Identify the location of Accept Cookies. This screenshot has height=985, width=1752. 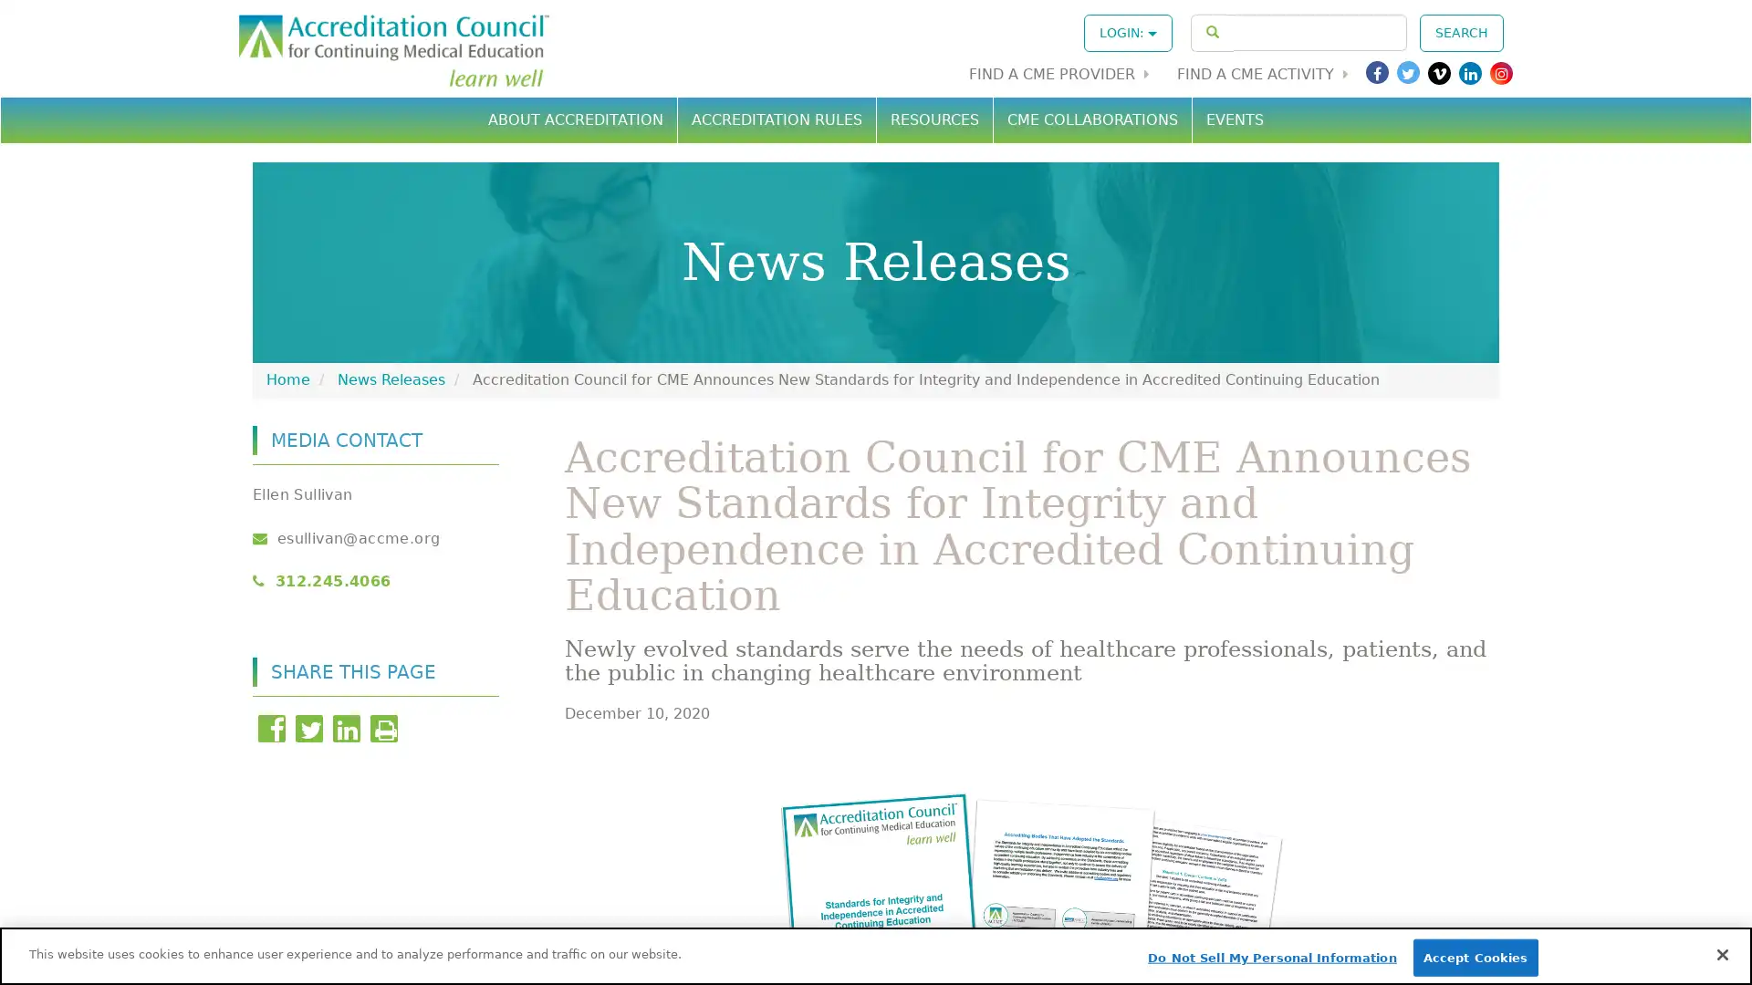
(1475, 956).